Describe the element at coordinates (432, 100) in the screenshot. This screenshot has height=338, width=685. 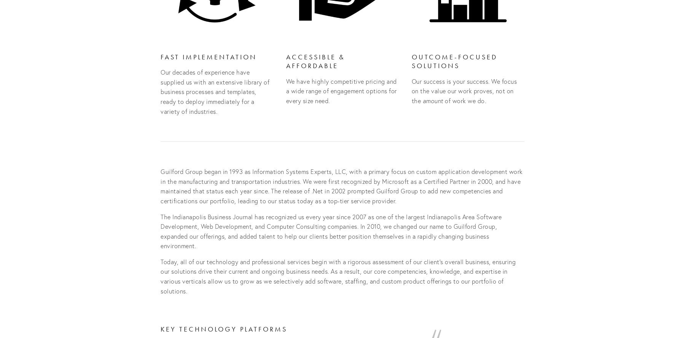
I see `'amount'` at that location.